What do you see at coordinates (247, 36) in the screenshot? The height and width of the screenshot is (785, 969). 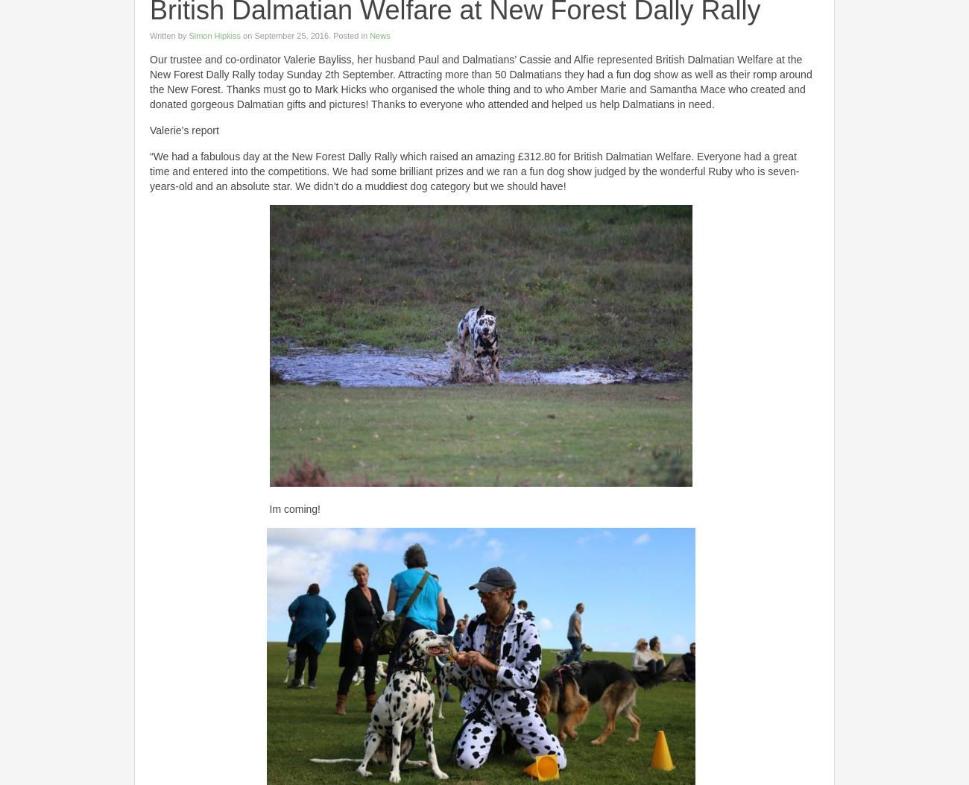 I see `'on'` at bounding box center [247, 36].